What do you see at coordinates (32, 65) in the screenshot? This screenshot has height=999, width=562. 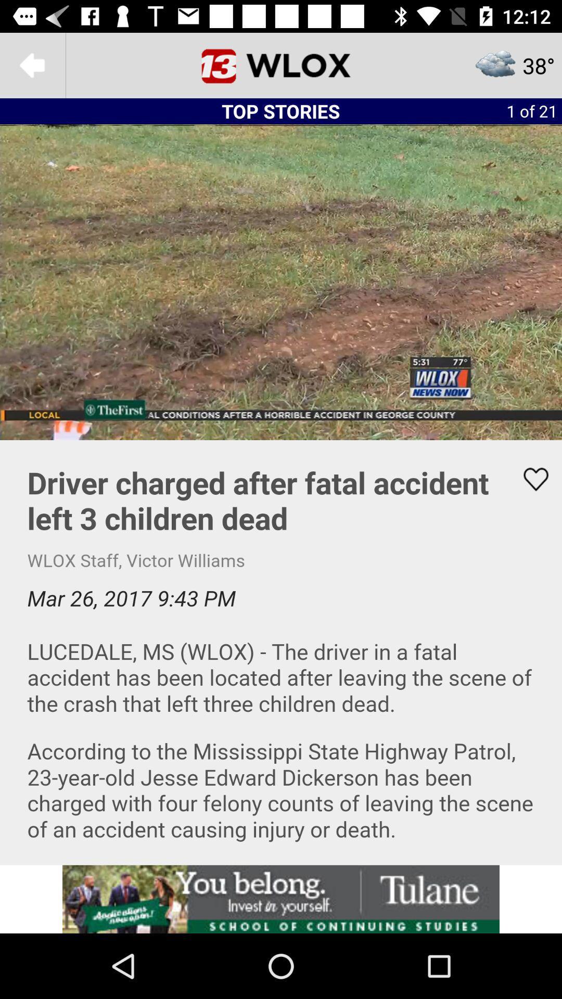 I see `go back` at bounding box center [32, 65].